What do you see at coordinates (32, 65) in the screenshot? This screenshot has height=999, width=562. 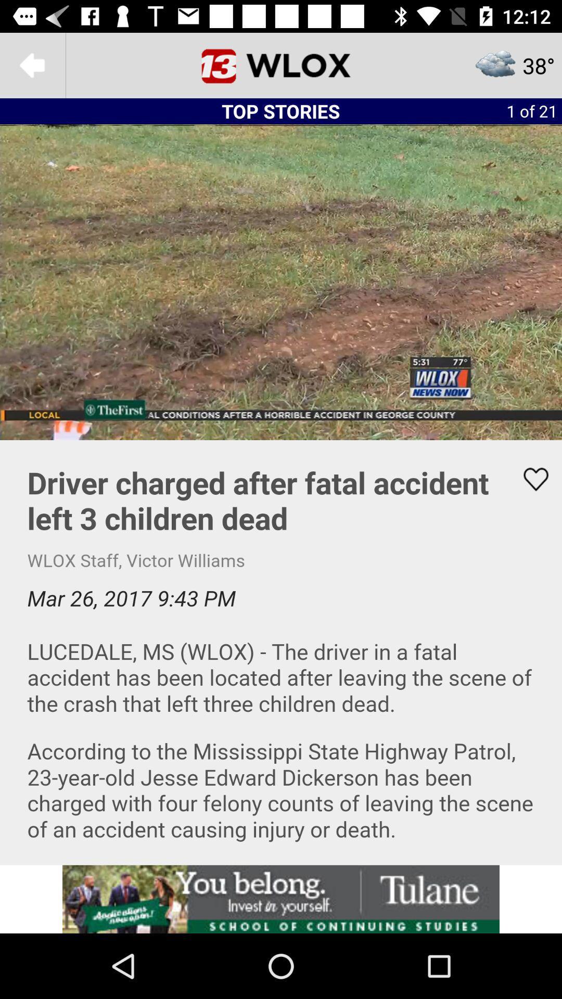 I see `go back` at bounding box center [32, 65].